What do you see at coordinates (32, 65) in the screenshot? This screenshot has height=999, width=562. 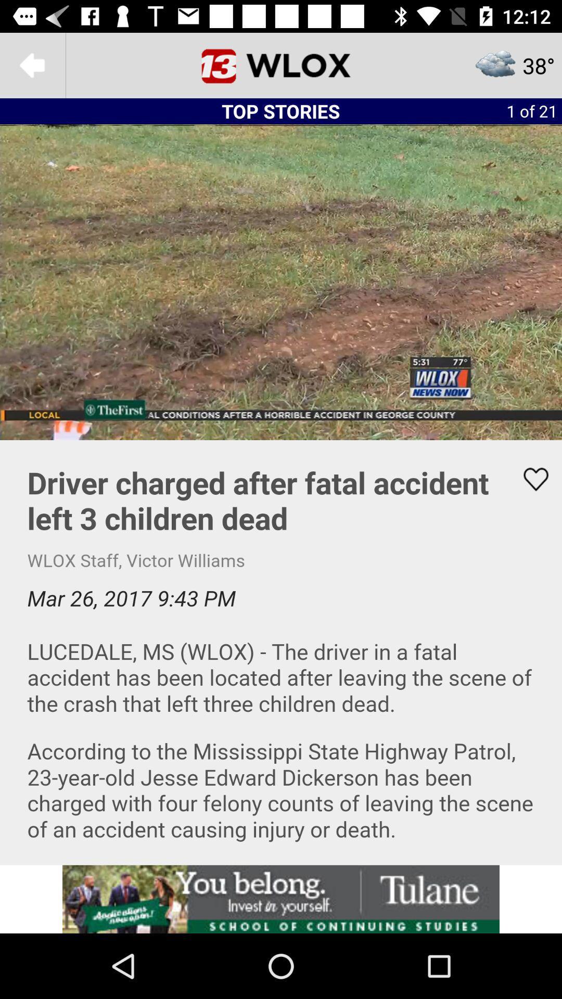 I see `go back` at bounding box center [32, 65].